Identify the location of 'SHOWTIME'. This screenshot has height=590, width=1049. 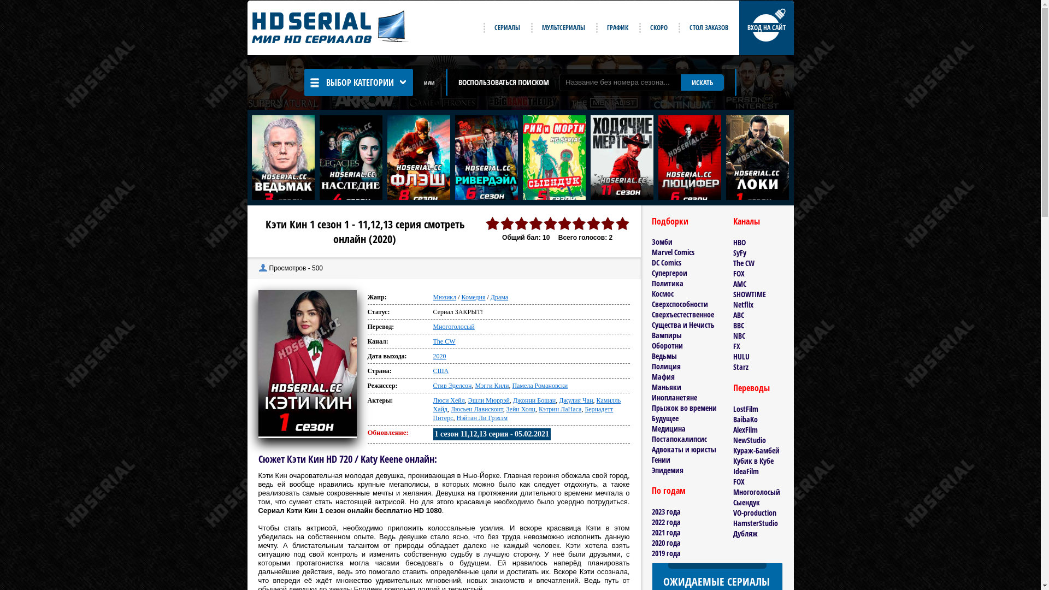
(733, 293).